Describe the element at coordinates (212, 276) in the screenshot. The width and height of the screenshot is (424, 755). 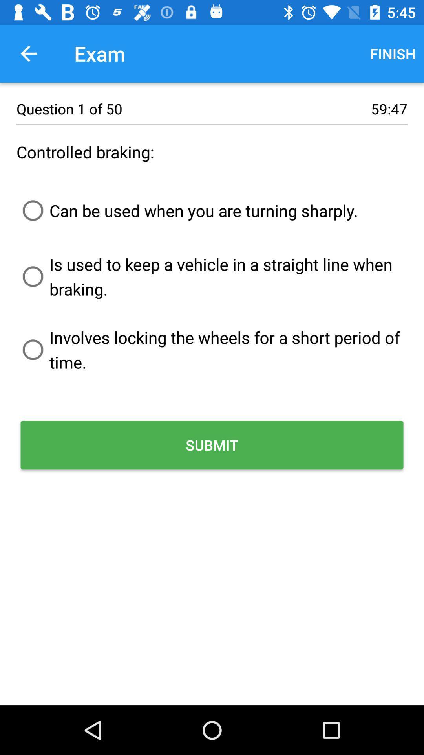
I see `the item above involves locking the icon` at that location.